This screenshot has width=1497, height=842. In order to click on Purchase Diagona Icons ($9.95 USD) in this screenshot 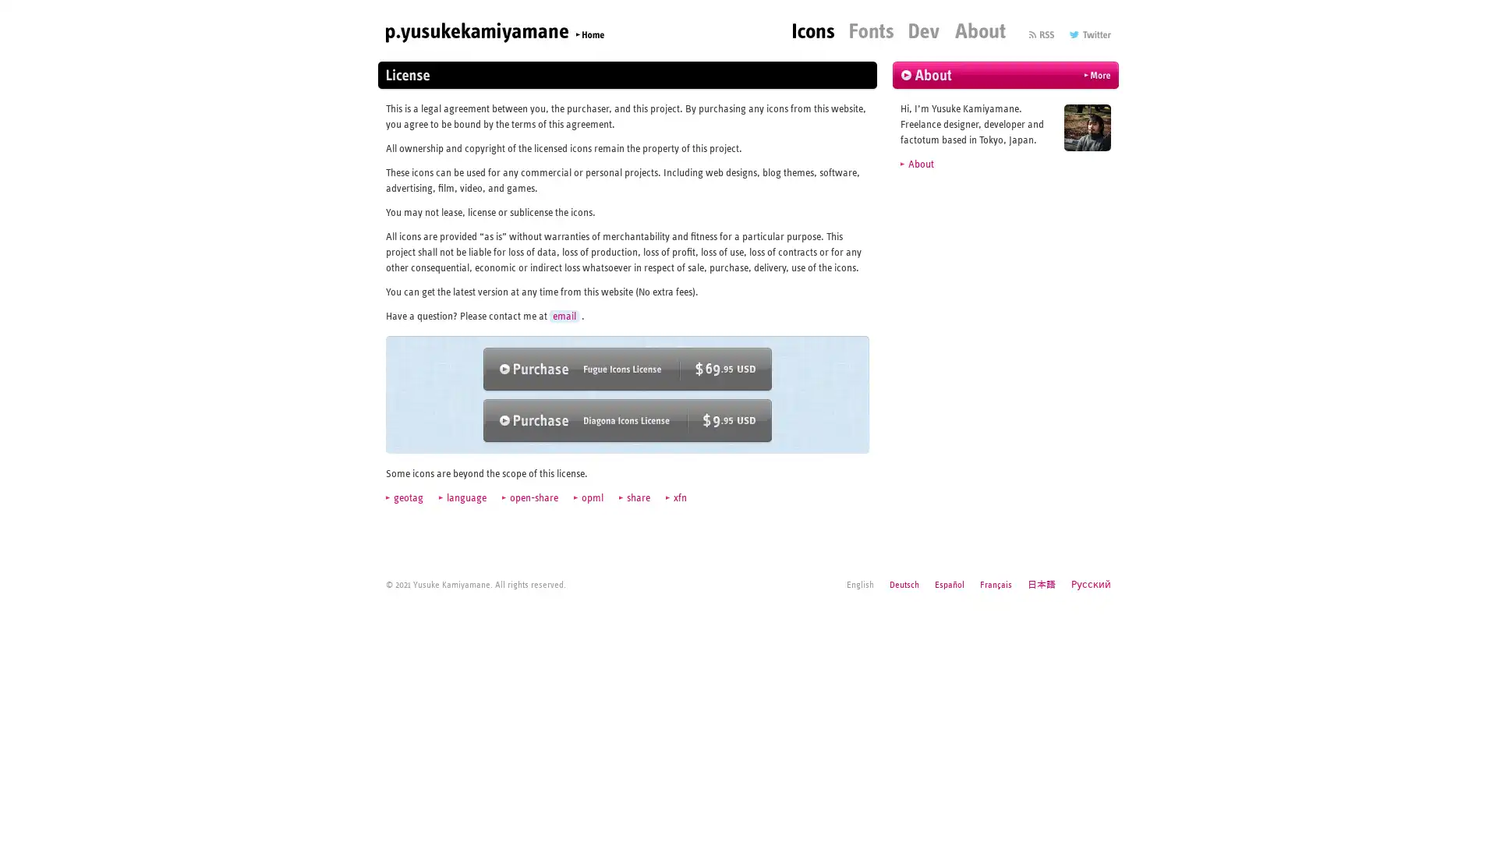, I will do `click(628, 421)`.